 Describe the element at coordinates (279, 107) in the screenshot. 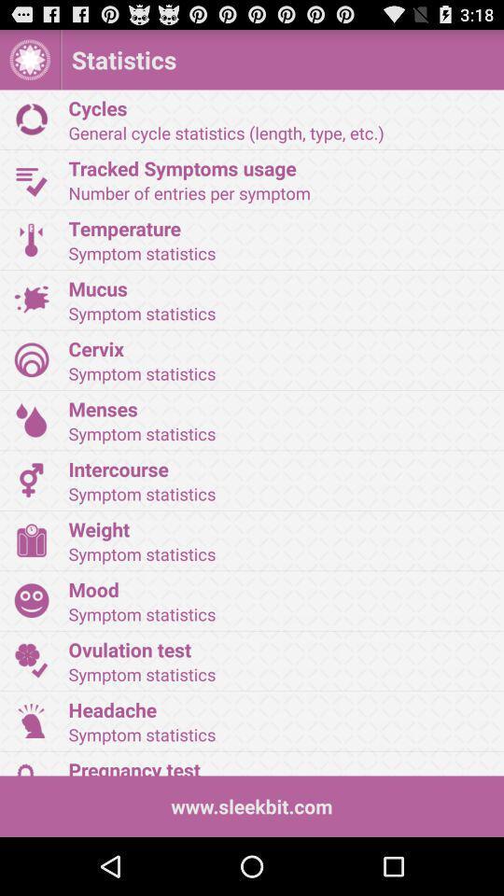

I see `the item below the statistics` at that location.